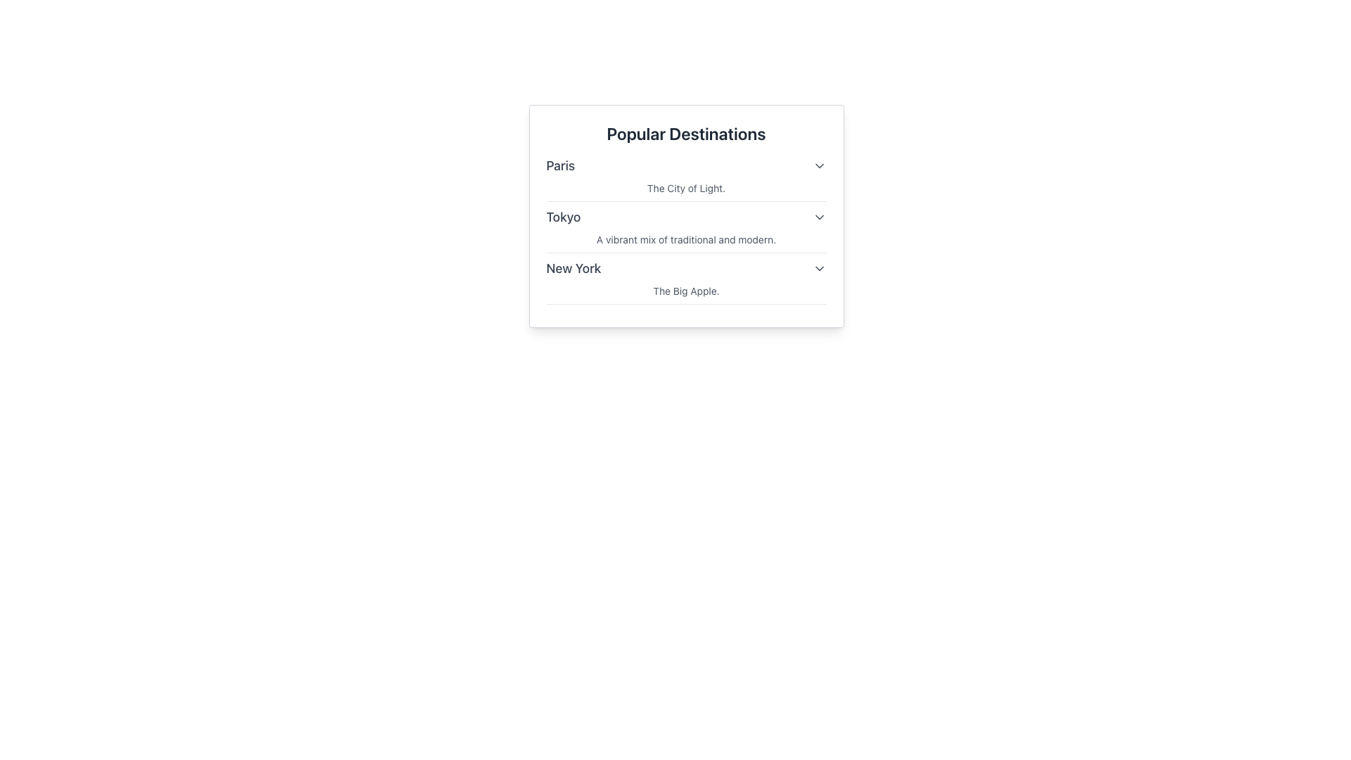 The height and width of the screenshot is (760, 1351). I want to click on the text display component that provides a brief descriptive phrase summarizing the characteristics of 'Tokyo', which is located directly beneath the main heading 'Tokyo' in the second section of the card, so click(686, 239).